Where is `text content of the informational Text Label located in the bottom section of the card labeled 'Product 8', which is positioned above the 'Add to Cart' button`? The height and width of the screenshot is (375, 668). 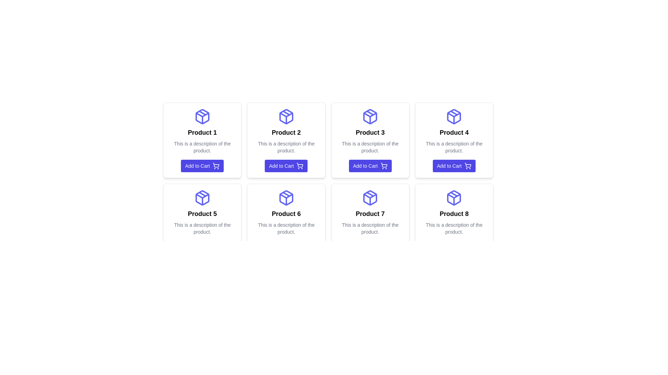
text content of the informational Text Label located in the bottom section of the card labeled 'Product 8', which is positioned above the 'Add to Cart' button is located at coordinates (454, 228).